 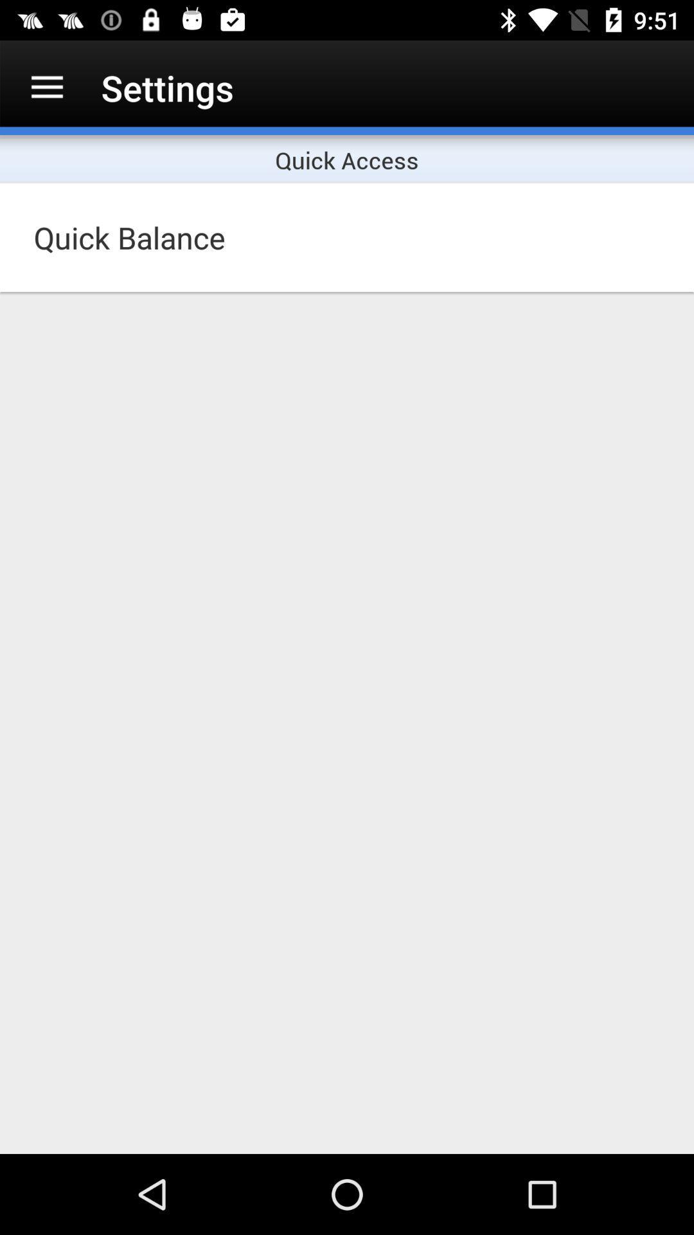 What do you see at coordinates (46, 87) in the screenshot?
I see `icon to the left of settings app` at bounding box center [46, 87].